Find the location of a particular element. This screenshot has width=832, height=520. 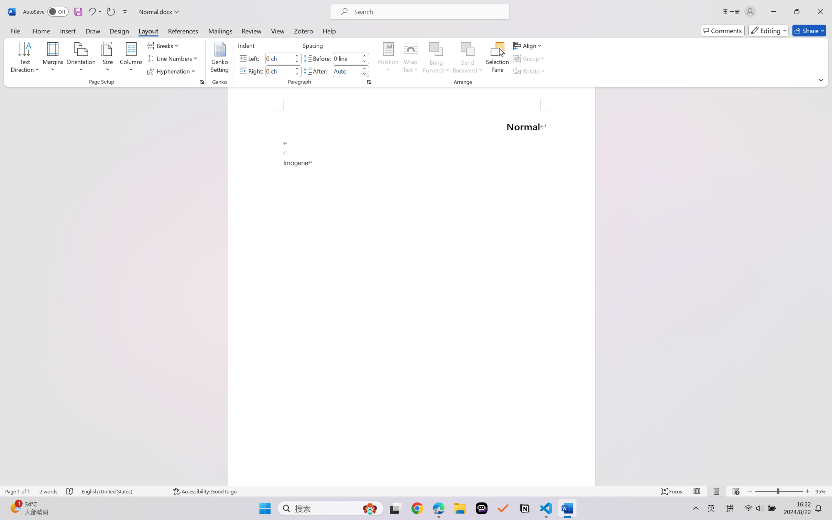

'Undo Paragraph Formatting' is located at coordinates (94, 11).